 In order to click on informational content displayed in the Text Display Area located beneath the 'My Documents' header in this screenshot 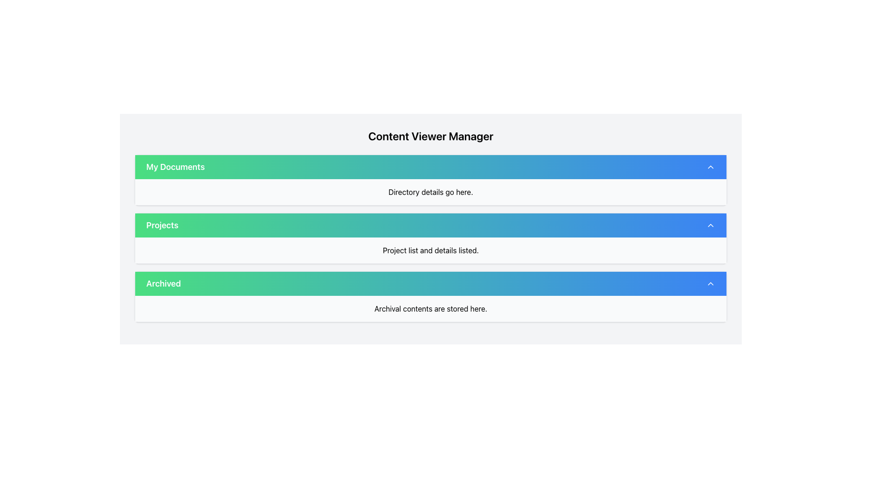, I will do `click(430, 192)`.